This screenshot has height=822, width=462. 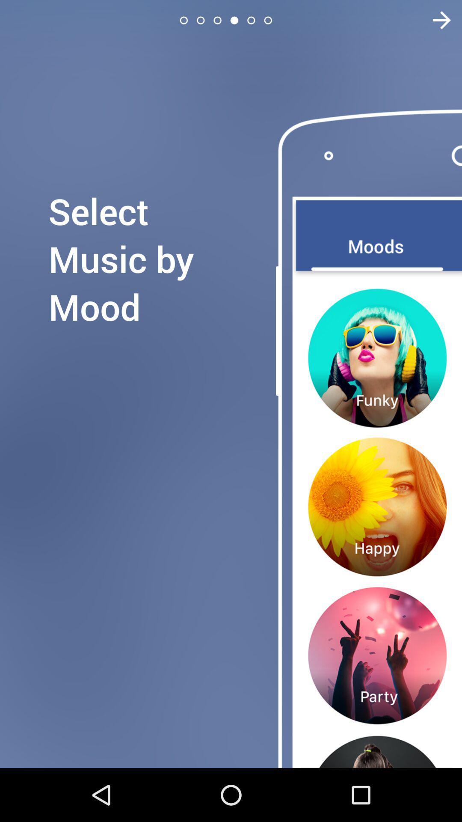 What do you see at coordinates (436, 20) in the screenshot?
I see `for next` at bounding box center [436, 20].